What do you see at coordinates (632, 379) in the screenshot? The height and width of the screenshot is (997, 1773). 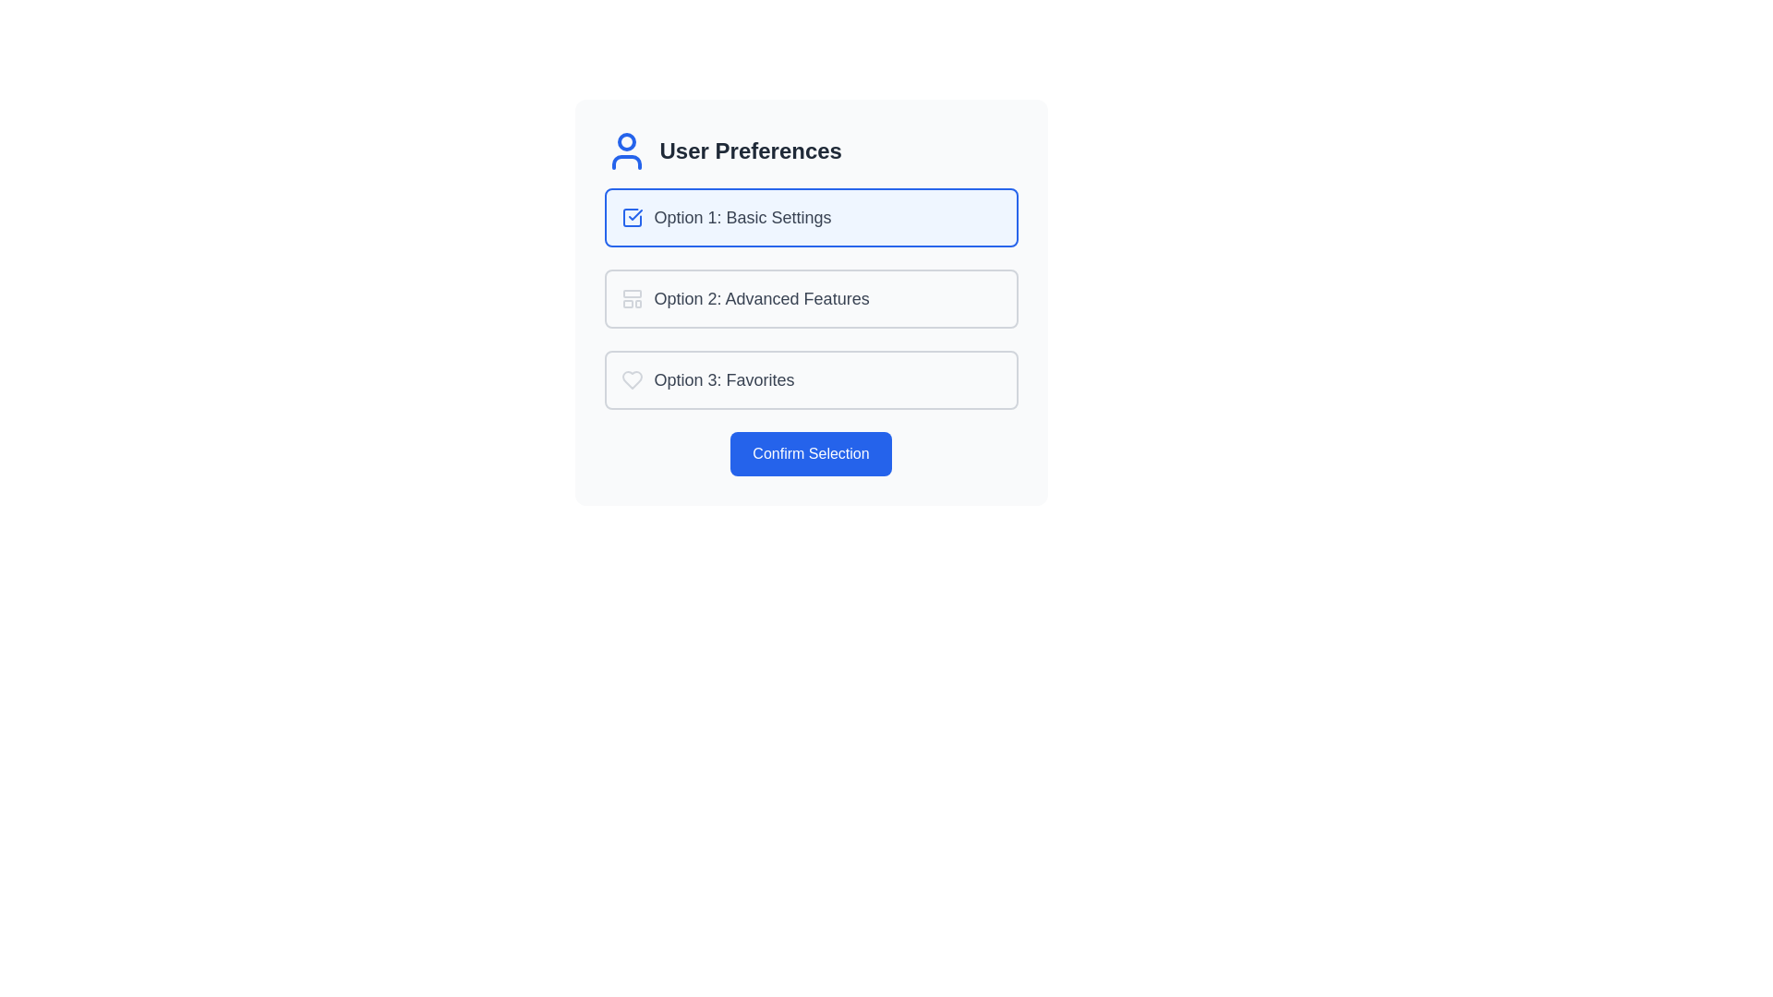 I see `the heart-shaped icon located to the left of the text 'Option 3: Favorites' in the 'User Preferences' menu for reference` at bounding box center [632, 379].